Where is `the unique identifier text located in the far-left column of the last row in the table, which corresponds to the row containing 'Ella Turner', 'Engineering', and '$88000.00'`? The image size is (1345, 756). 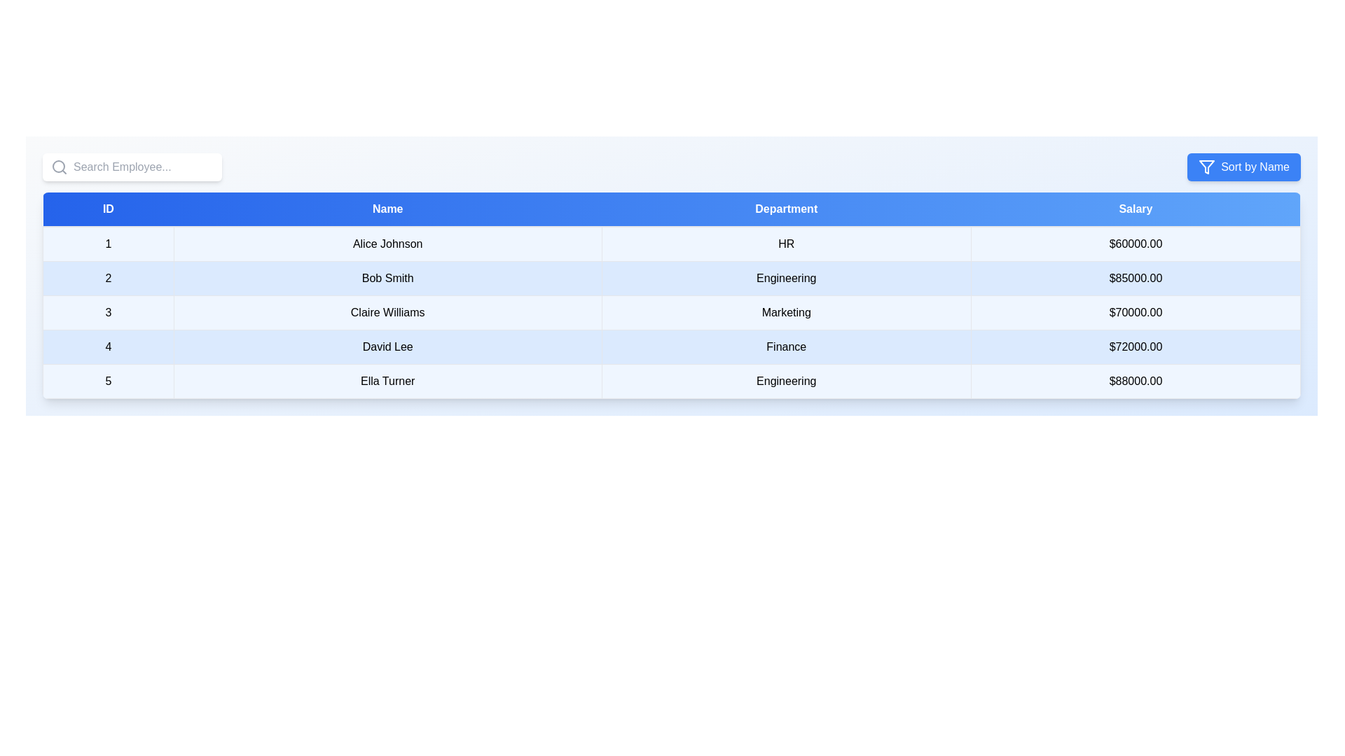
the unique identifier text located in the far-left column of the last row in the table, which corresponds to the row containing 'Ella Turner', 'Engineering', and '$88000.00' is located at coordinates (107, 381).